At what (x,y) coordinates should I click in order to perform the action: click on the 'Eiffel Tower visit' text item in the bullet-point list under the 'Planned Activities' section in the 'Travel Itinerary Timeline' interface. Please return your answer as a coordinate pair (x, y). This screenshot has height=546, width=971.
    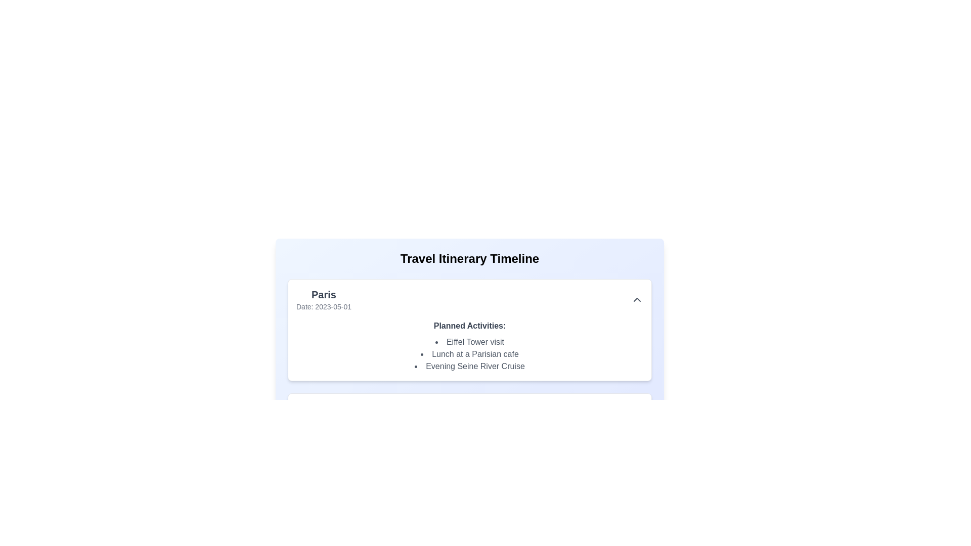
    Looking at the image, I should click on (469, 342).